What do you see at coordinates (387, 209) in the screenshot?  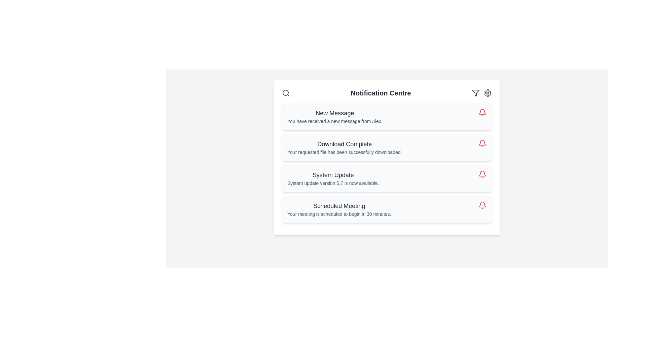 I see `details of the meeting from the fourth notification card in the Notification Centre, which is positioned below the System Update card` at bounding box center [387, 209].